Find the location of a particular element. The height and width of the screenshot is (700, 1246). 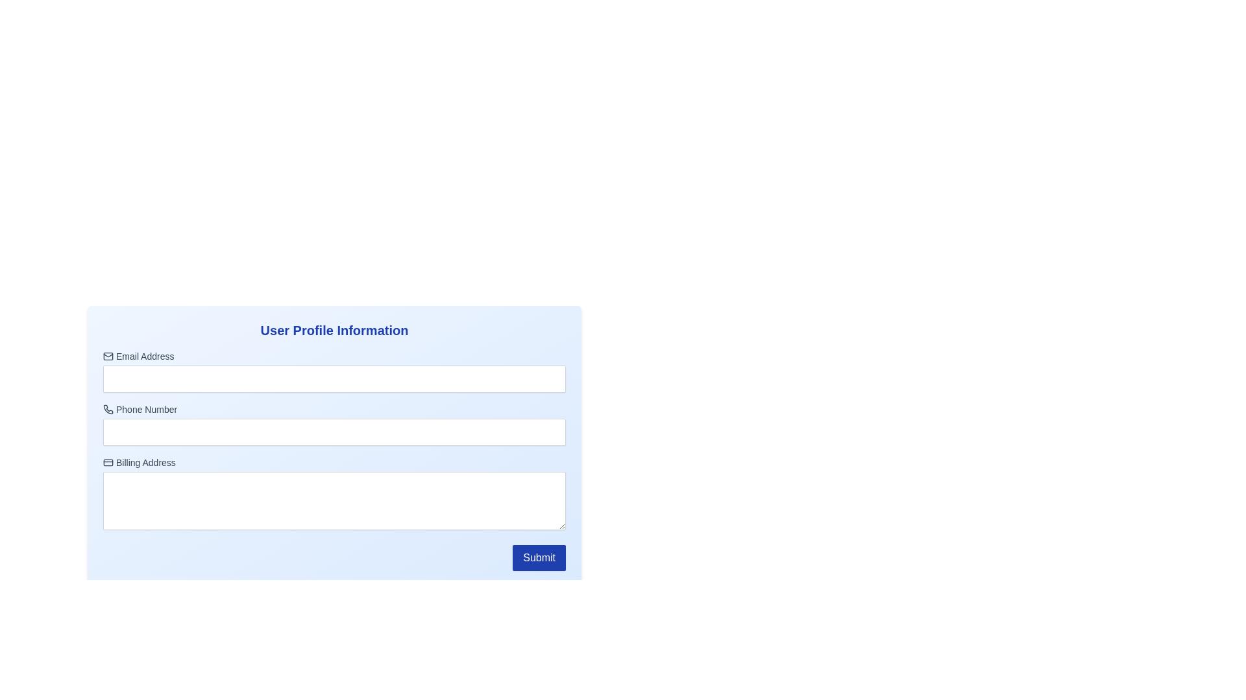

the credit card SVG icon located at the beginning of the 'Billing Address' line, which has a rectangular outline with rounded corners and a horizontal line inside is located at coordinates (108, 461).